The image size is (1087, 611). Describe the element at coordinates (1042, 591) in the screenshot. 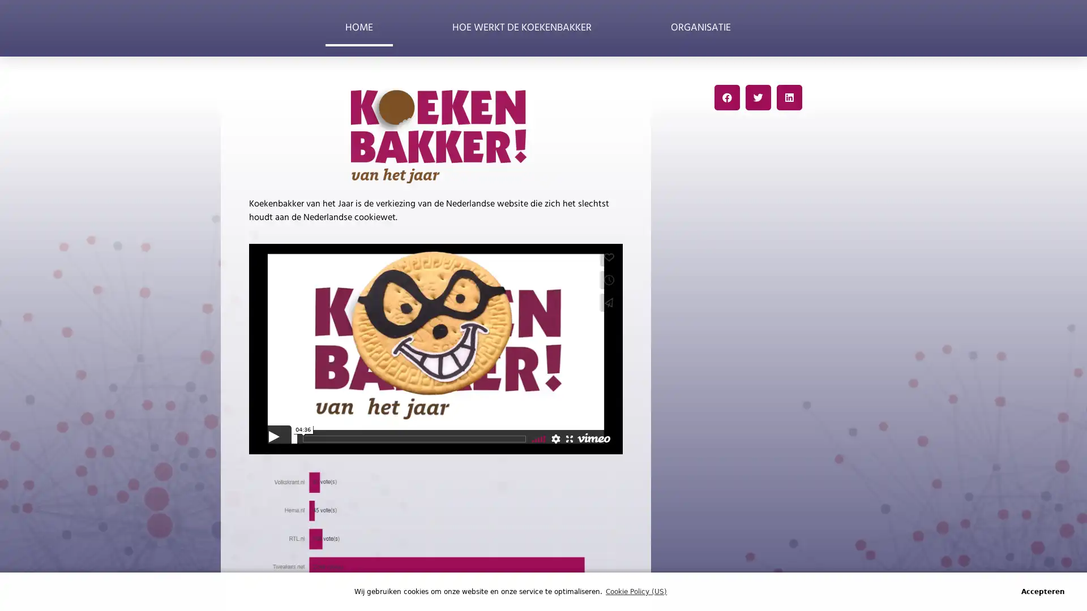

I see `dismiss cookie message` at that location.